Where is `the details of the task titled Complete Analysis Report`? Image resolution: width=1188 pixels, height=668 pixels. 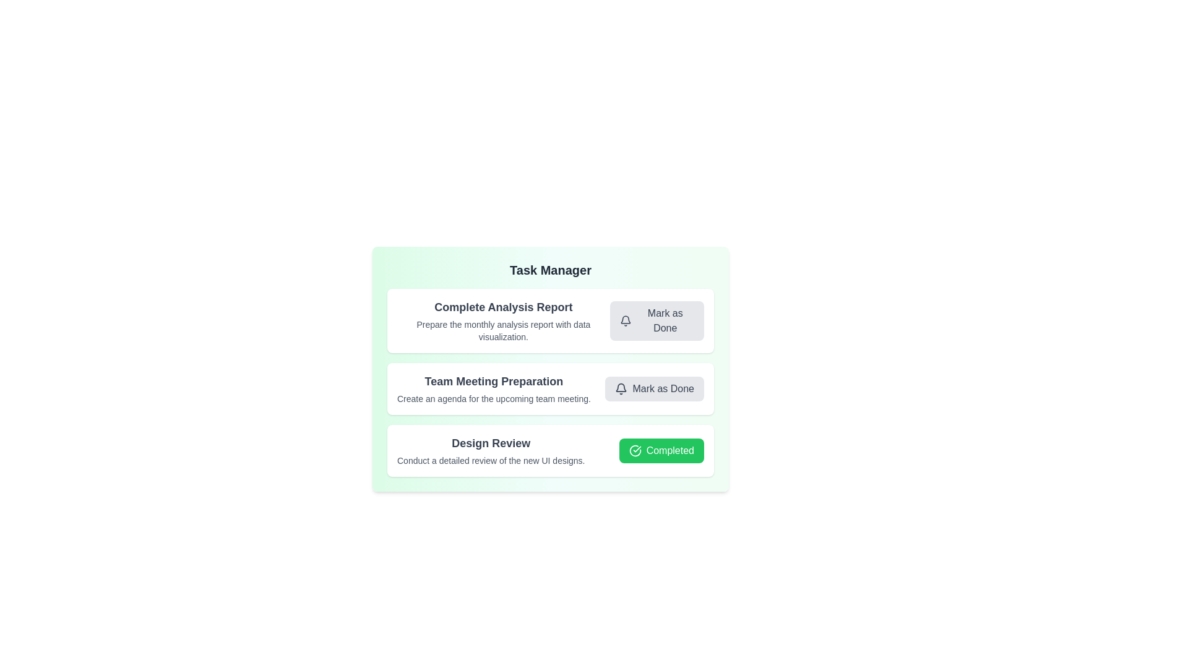 the details of the task titled Complete Analysis Report is located at coordinates (503, 307).